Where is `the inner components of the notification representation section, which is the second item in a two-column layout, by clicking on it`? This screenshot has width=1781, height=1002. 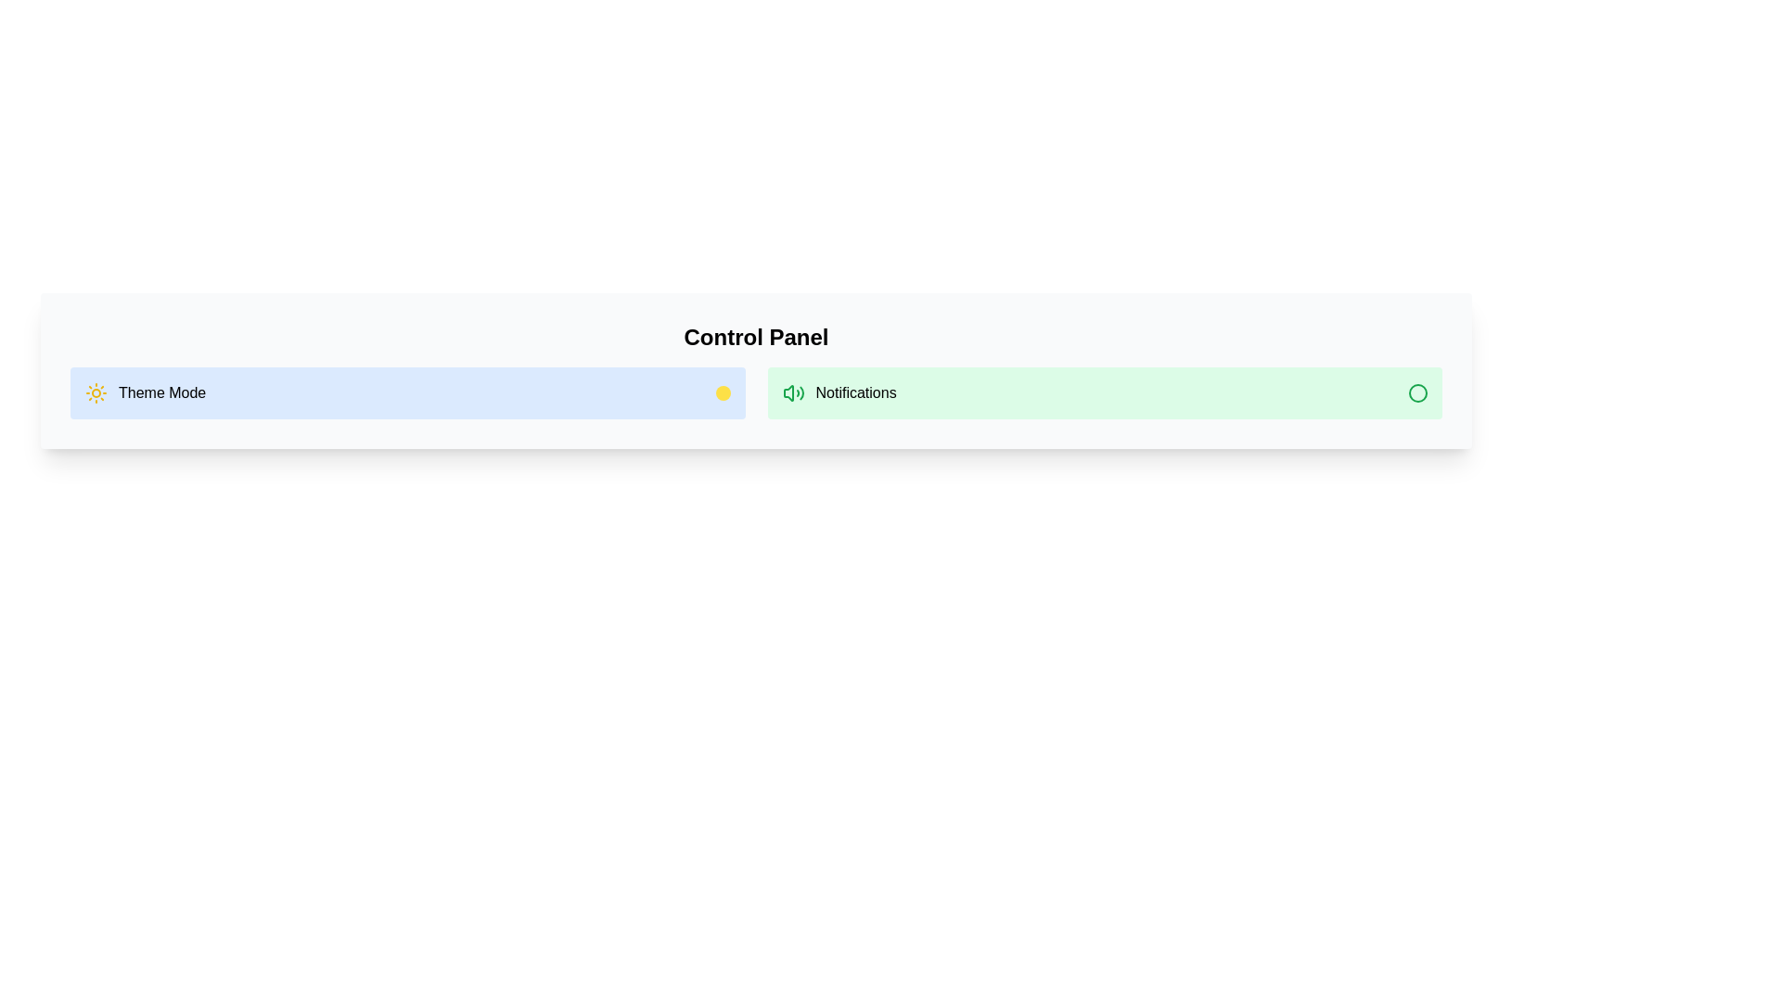
the inner components of the notification representation section, which is the second item in a two-column layout, by clicking on it is located at coordinates (1105, 392).